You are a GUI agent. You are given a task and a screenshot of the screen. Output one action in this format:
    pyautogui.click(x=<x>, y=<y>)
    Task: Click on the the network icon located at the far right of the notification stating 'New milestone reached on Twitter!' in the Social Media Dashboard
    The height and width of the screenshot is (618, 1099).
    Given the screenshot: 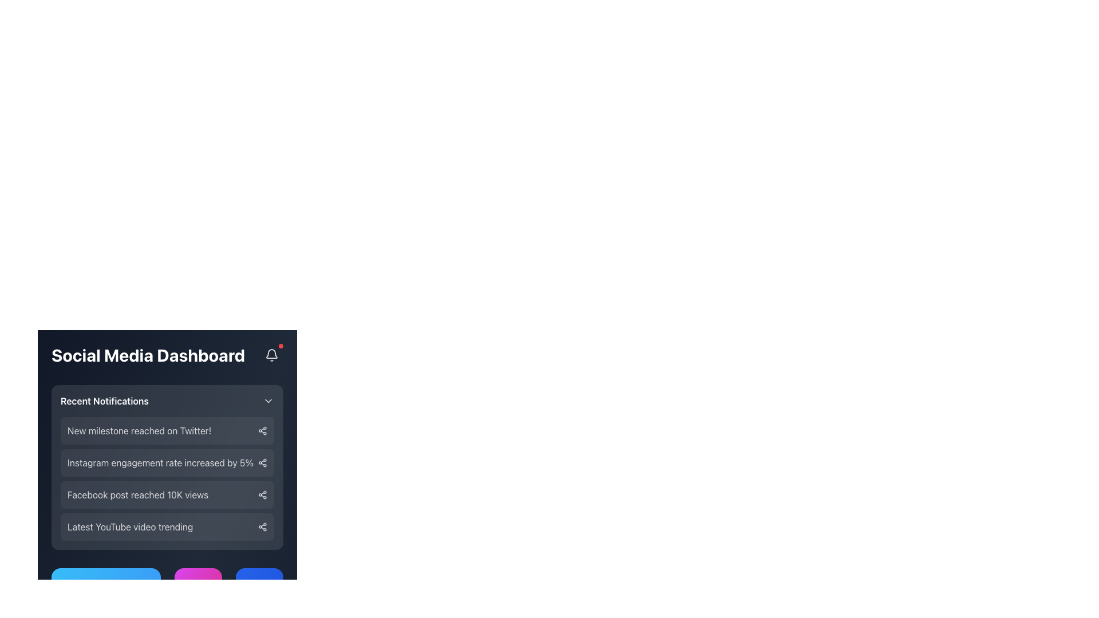 What is the action you would take?
    pyautogui.click(x=262, y=430)
    